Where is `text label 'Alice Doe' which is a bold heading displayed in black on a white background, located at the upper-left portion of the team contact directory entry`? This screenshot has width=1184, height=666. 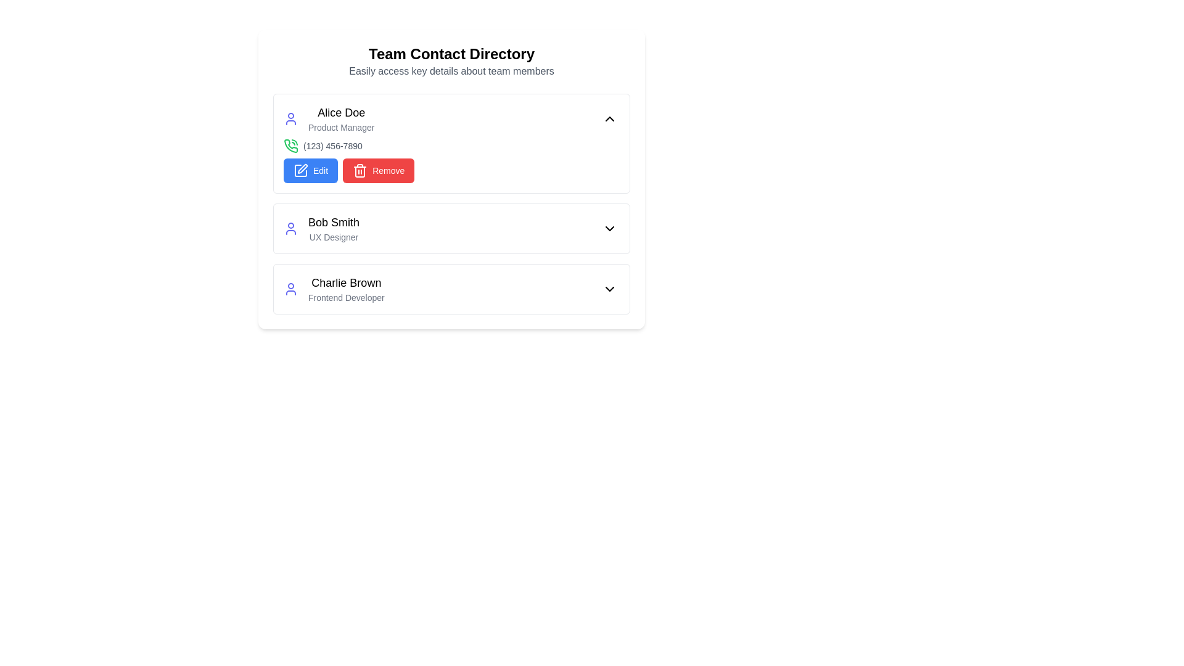
text label 'Alice Doe' which is a bold heading displayed in black on a white background, located at the upper-left portion of the team contact directory entry is located at coordinates (341, 112).